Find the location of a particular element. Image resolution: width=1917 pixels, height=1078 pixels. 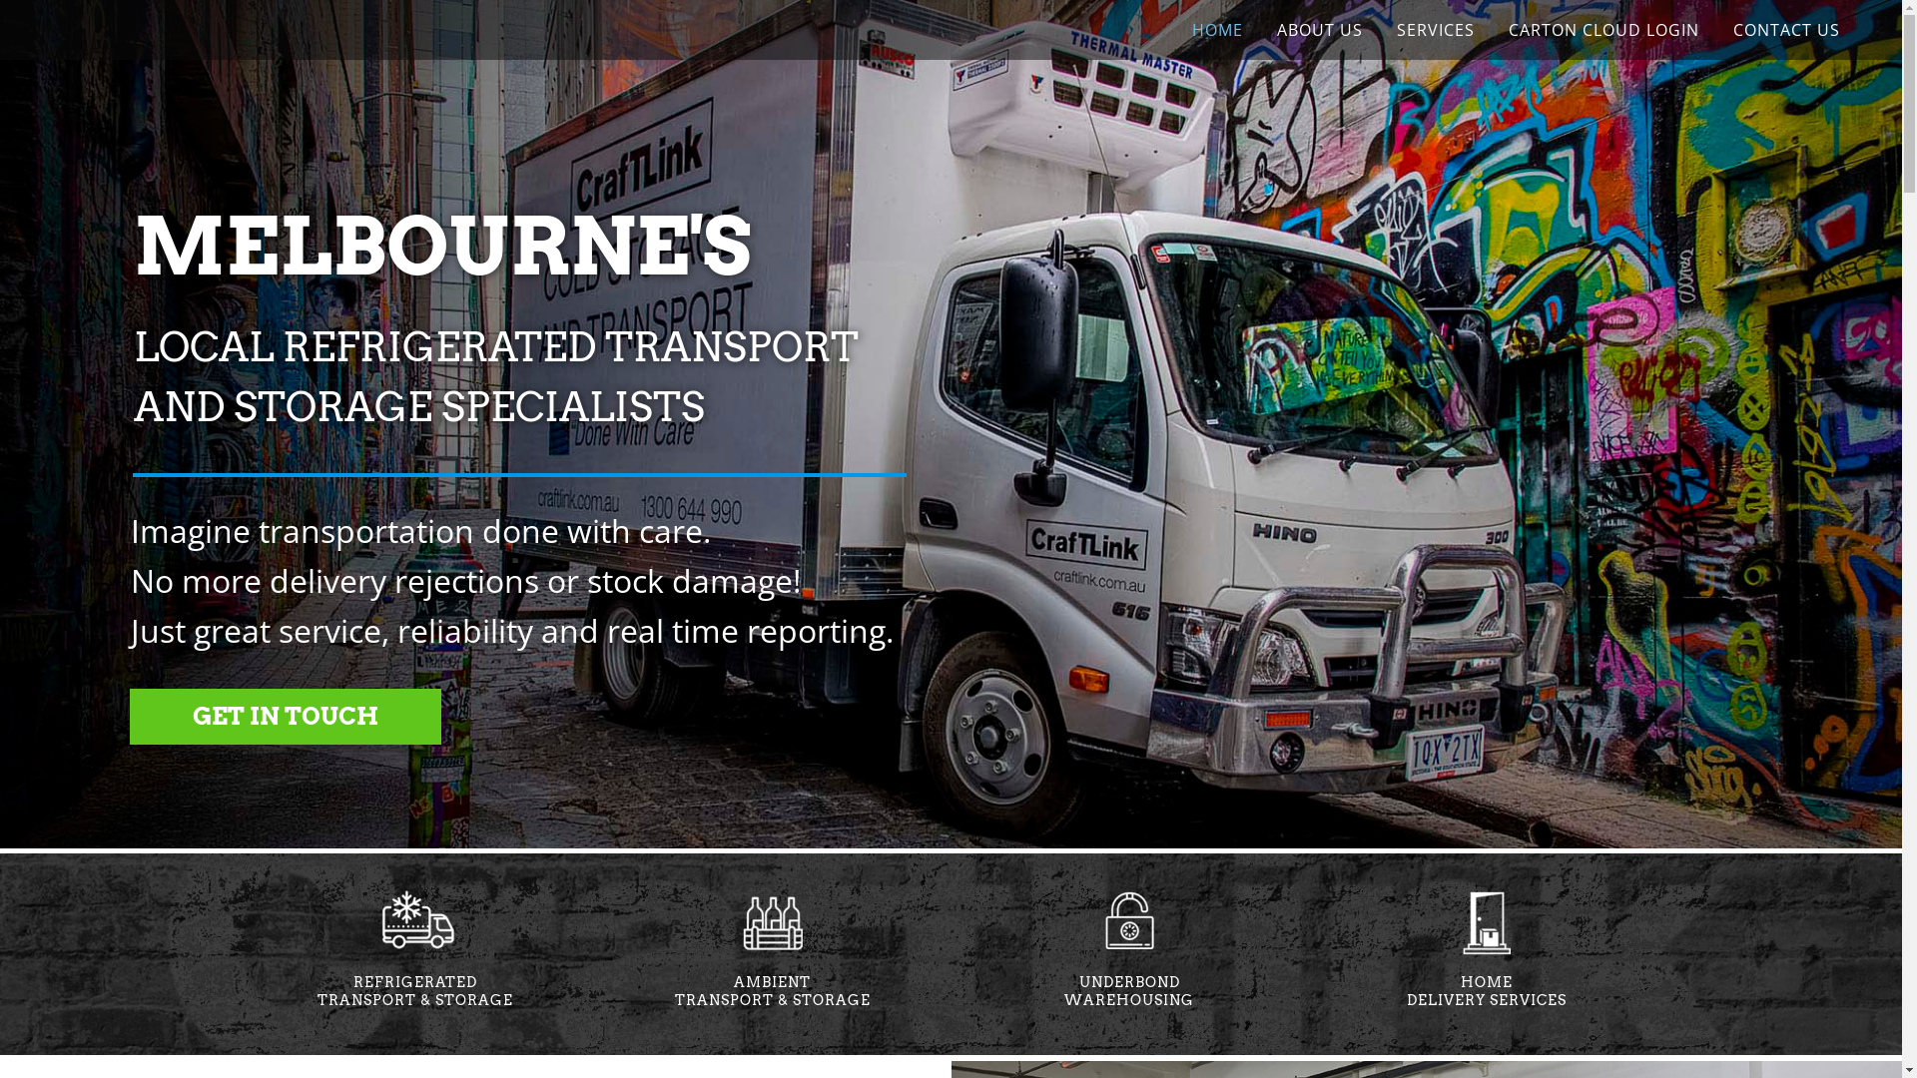

'CARTON CLOUD LOGIN' is located at coordinates (1603, 30).